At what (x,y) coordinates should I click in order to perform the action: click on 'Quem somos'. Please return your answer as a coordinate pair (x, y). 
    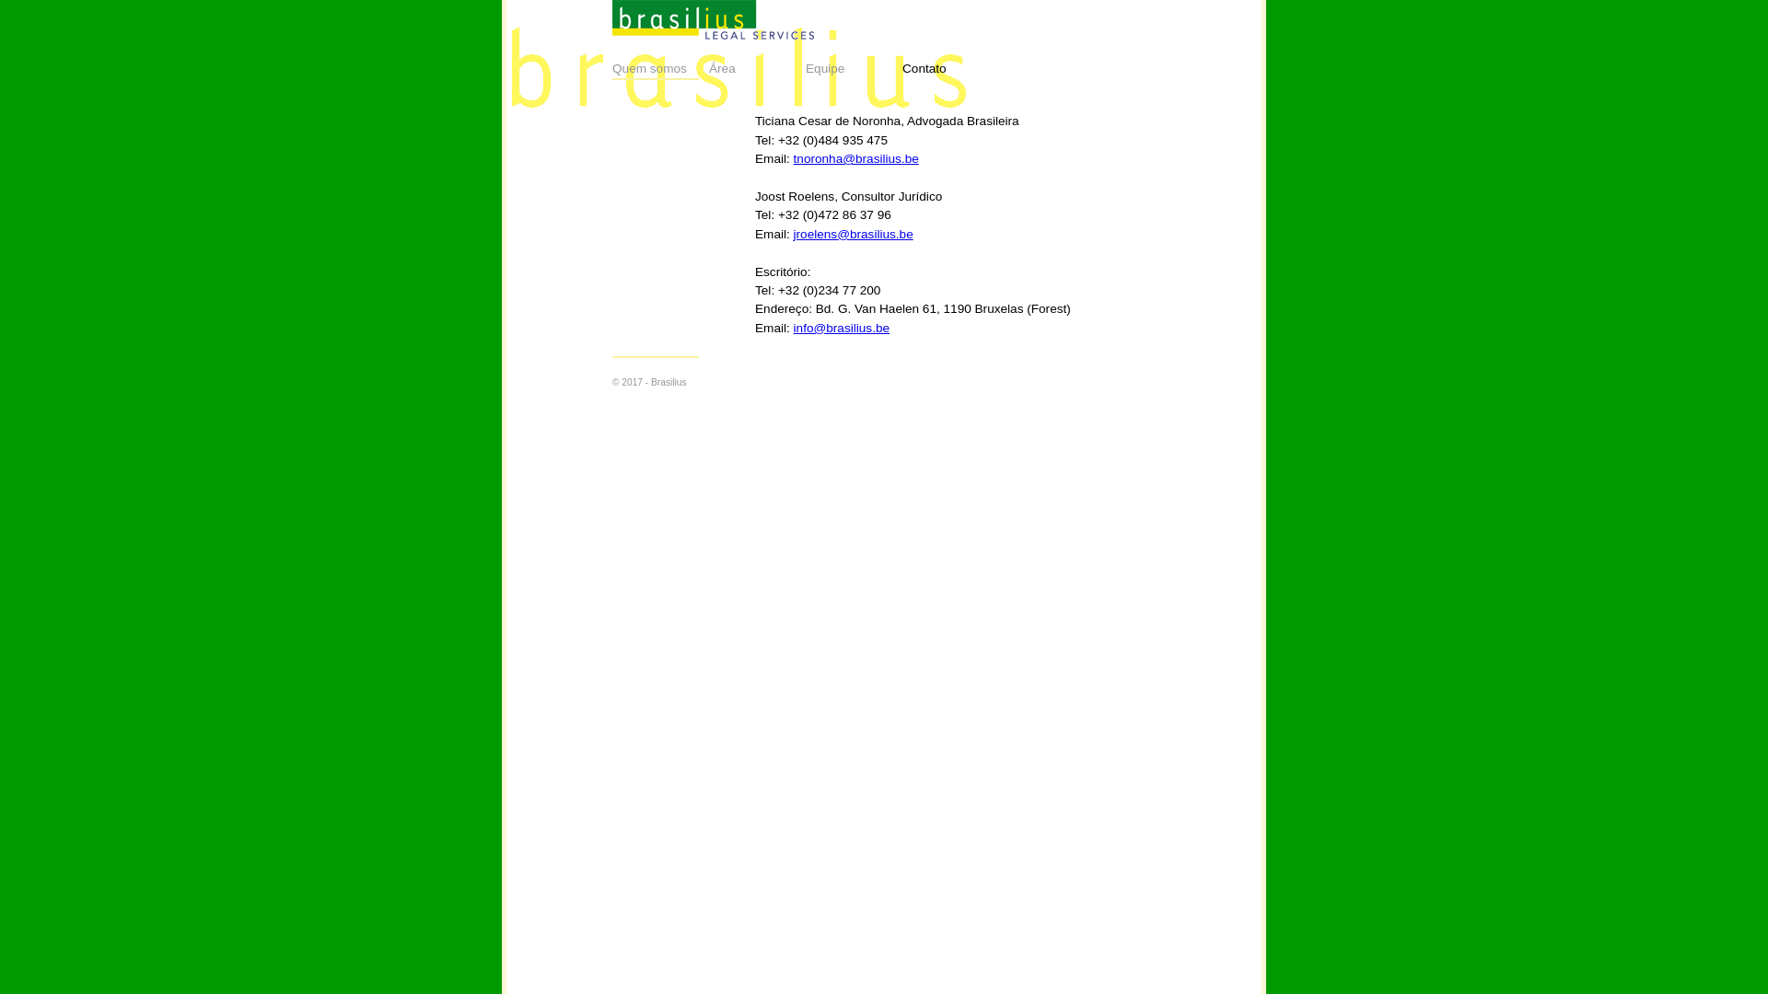
    Looking at the image, I should click on (660, 67).